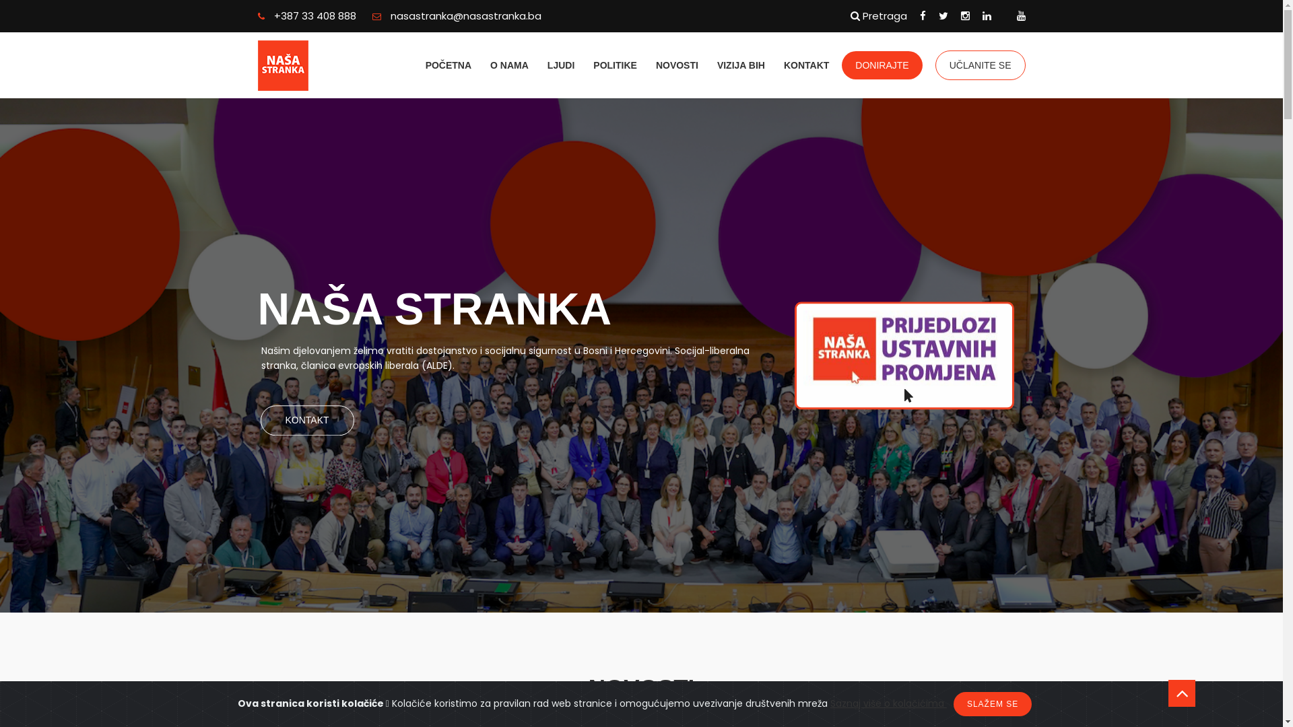  Describe the element at coordinates (806, 65) in the screenshot. I see `'KONTAKT'` at that location.